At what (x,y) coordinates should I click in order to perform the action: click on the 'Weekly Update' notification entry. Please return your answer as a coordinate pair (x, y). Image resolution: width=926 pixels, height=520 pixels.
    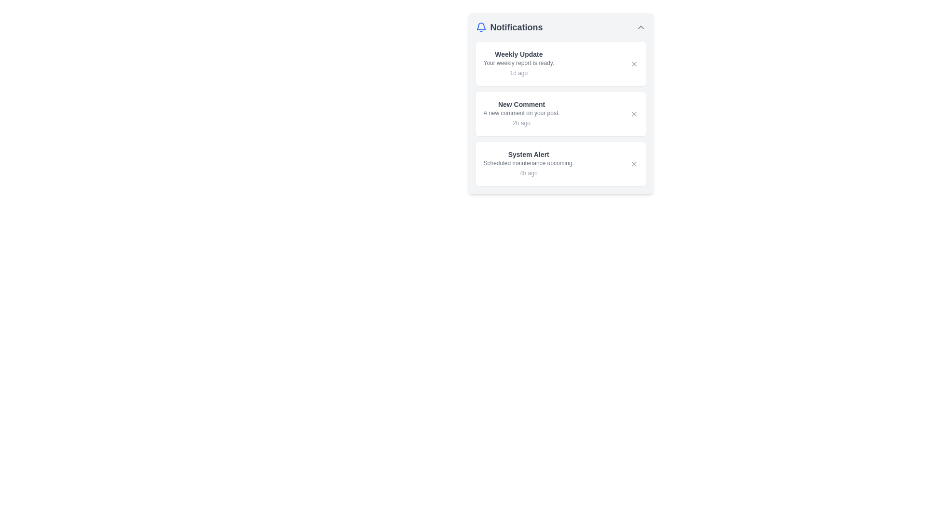
    Looking at the image, I should click on (518, 64).